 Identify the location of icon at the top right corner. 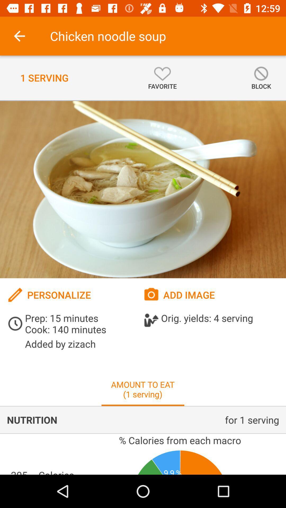
(261, 78).